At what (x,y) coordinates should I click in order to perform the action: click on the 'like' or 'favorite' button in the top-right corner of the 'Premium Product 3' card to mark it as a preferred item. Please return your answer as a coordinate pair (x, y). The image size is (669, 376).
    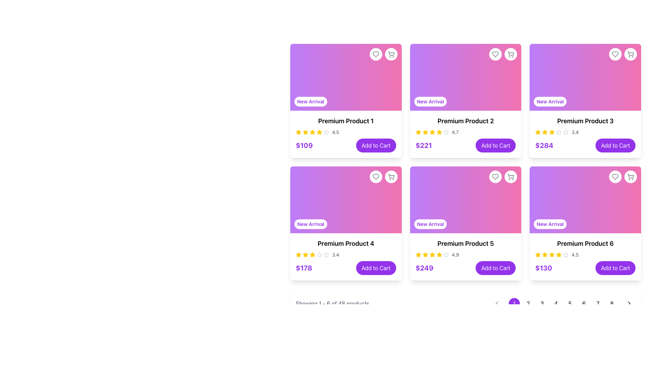
    Looking at the image, I should click on (615, 54).